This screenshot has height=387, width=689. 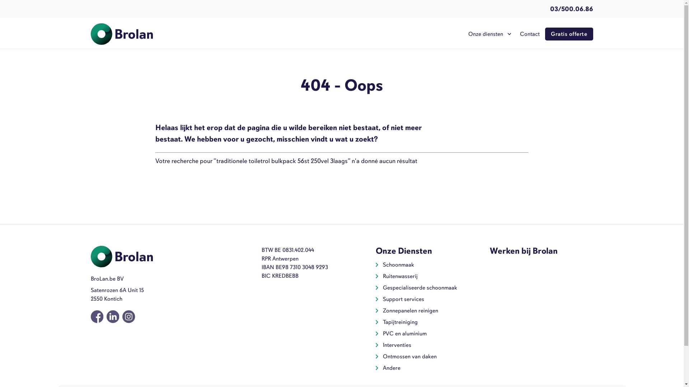 What do you see at coordinates (397, 345) in the screenshot?
I see `'Interventies'` at bounding box center [397, 345].